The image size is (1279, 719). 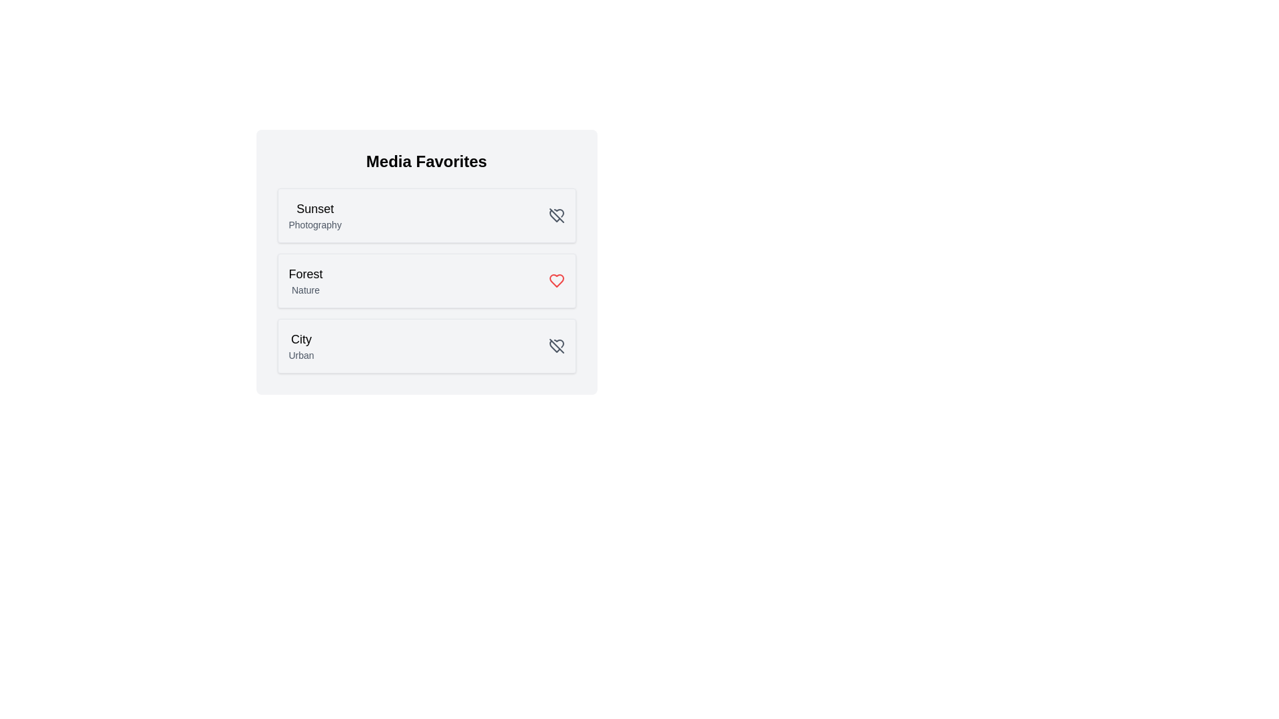 I want to click on the media item card corresponding to City, so click(x=426, y=346).